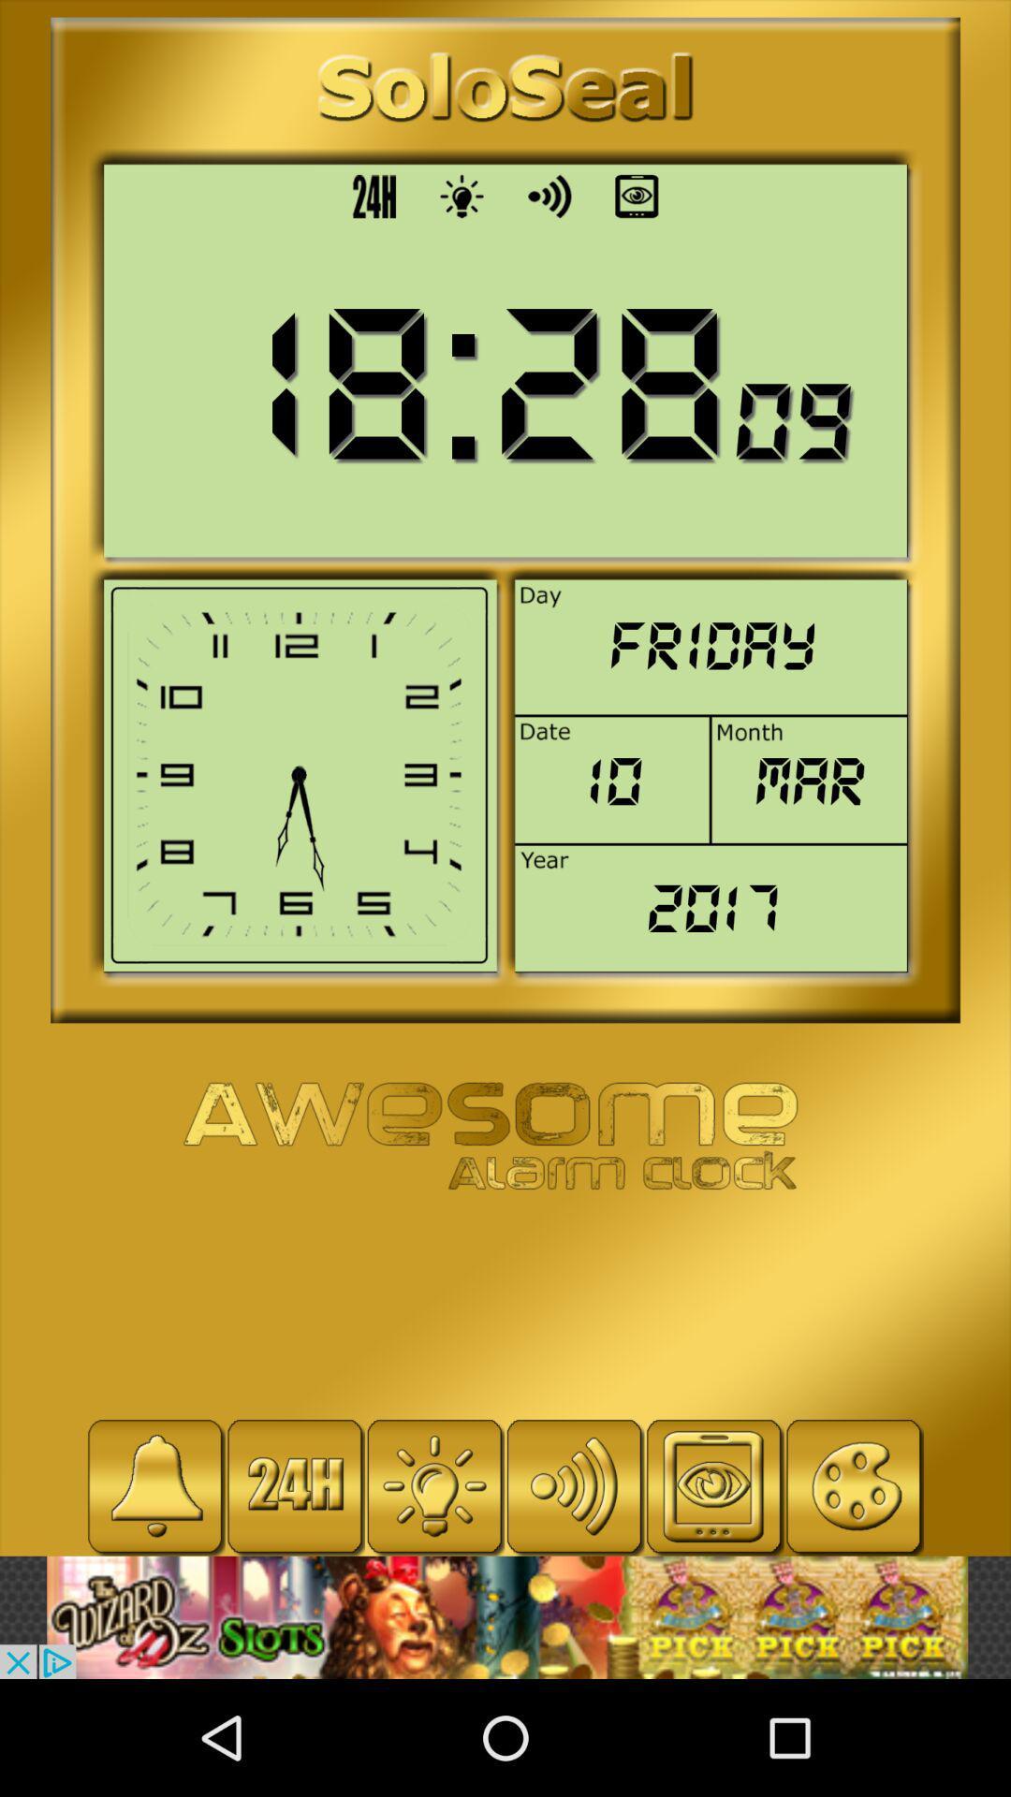  Describe the element at coordinates (295, 1485) in the screenshot. I see `change time` at that location.